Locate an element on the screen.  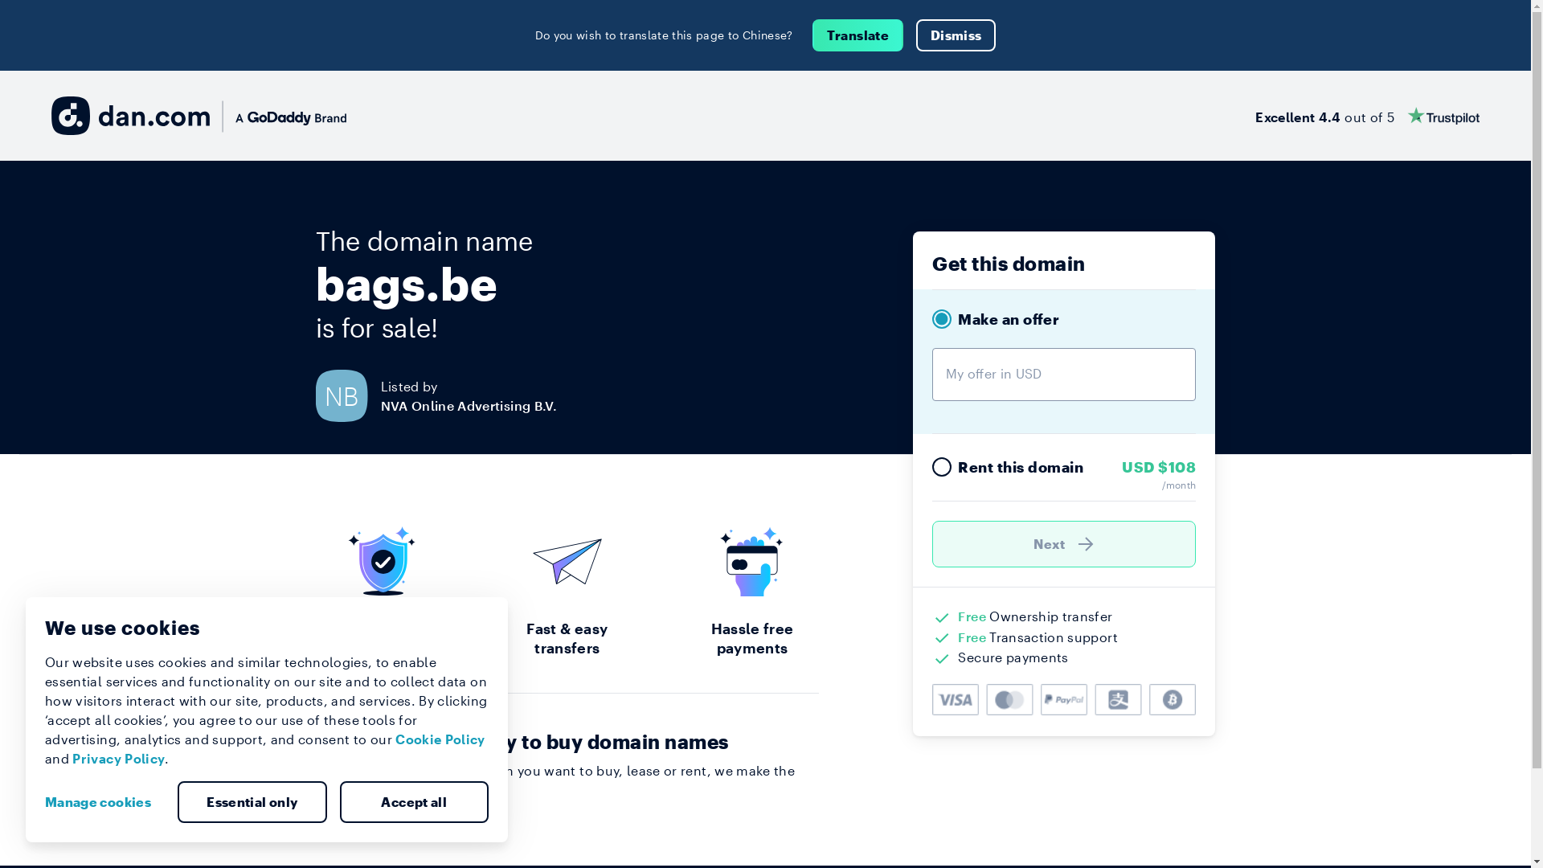
'Essential only' is located at coordinates (251, 802).